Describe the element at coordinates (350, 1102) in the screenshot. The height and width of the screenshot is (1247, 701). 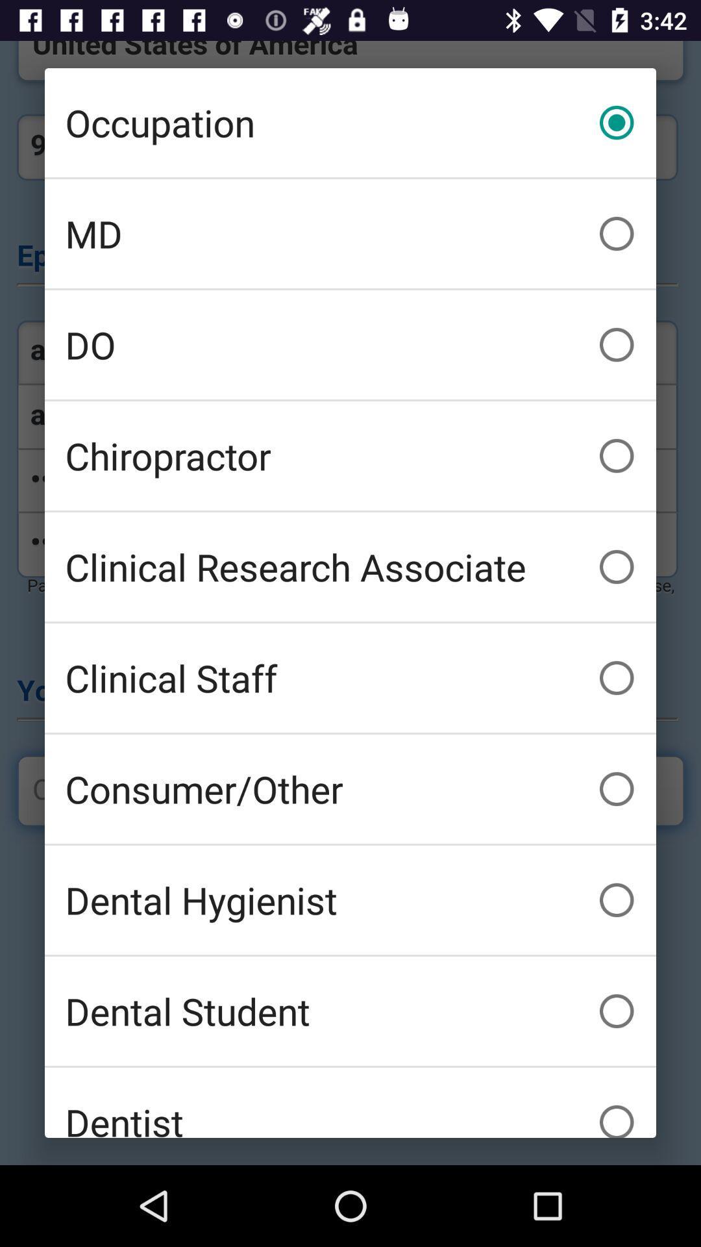
I see `the dentist` at that location.